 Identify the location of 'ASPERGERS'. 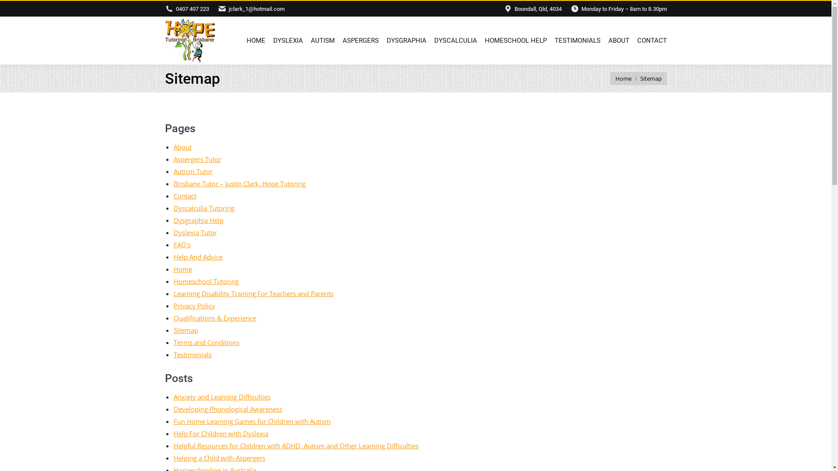
(358, 40).